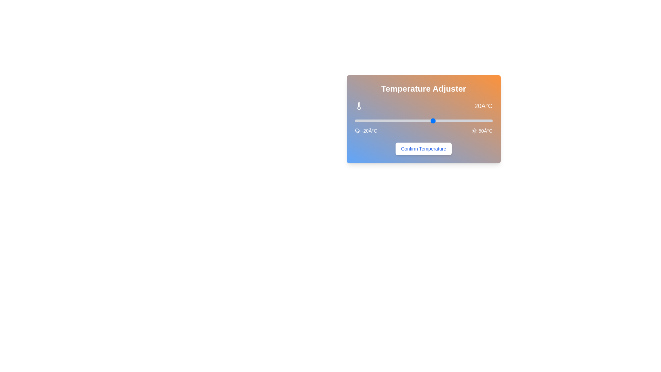  Describe the element at coordinates (388, 121) in the screenshot. I see `the temperature slider to -3°C` at that location.